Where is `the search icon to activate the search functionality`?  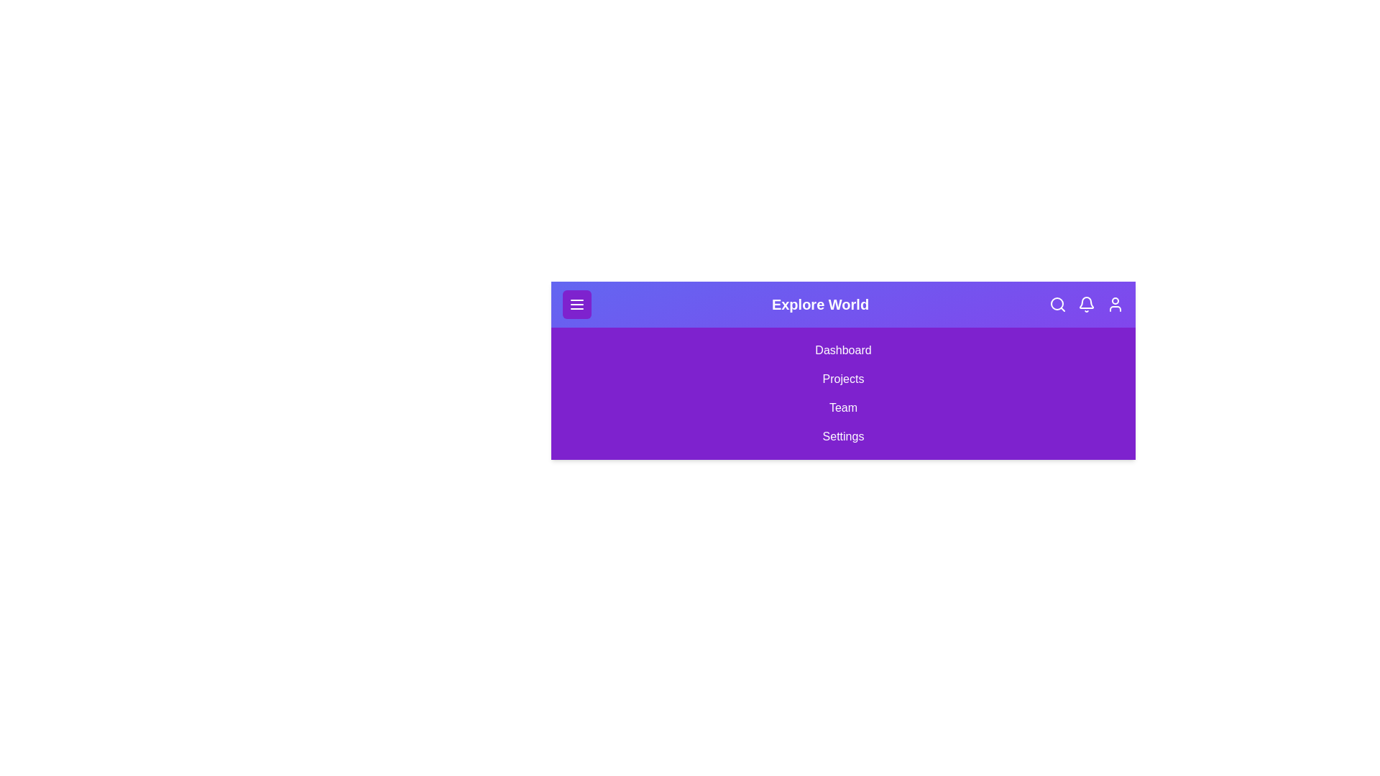
the search icon to activate the search functionality is located at coordinates (1058, 304).